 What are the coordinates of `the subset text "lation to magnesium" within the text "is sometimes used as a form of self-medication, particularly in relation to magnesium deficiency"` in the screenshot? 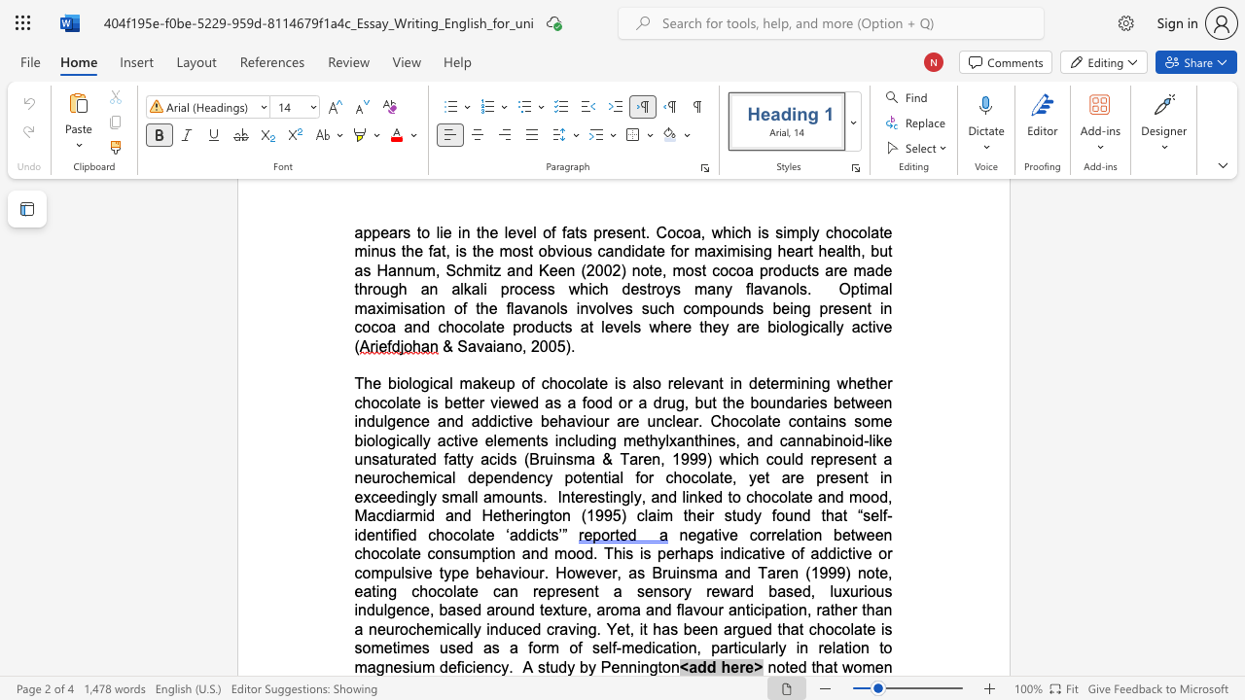 It's located at (832, 647).